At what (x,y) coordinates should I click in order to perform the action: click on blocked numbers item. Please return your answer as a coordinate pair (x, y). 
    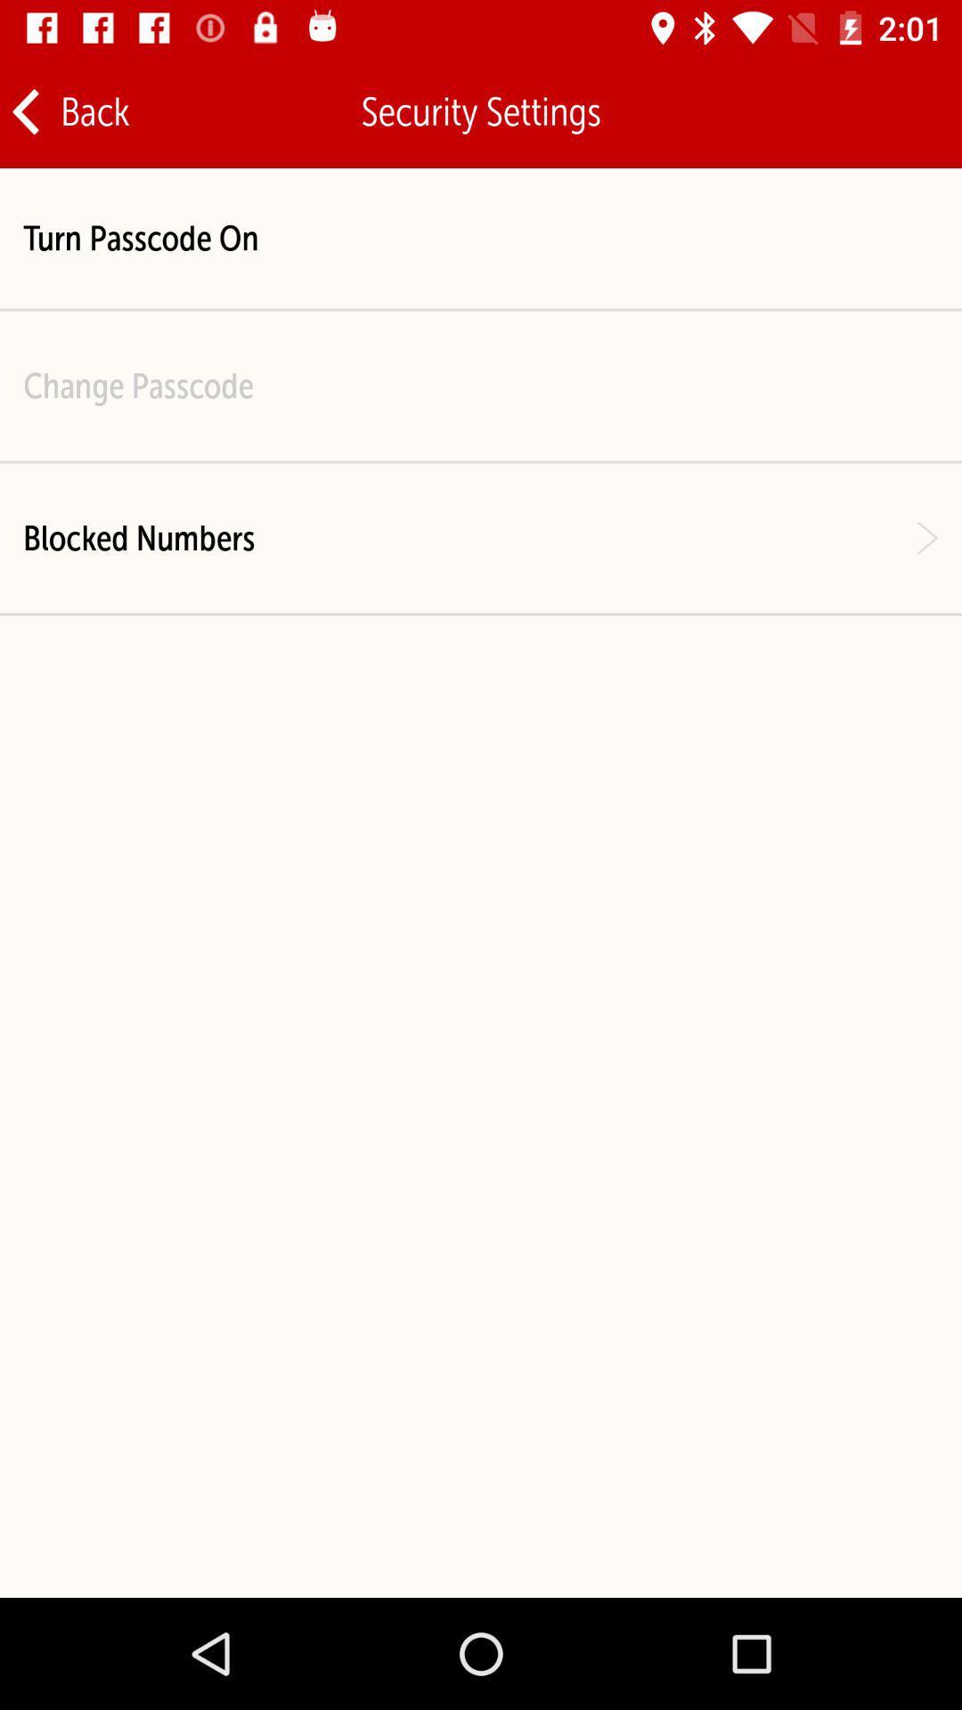
    Looking at the image, I should click on (138, 537).